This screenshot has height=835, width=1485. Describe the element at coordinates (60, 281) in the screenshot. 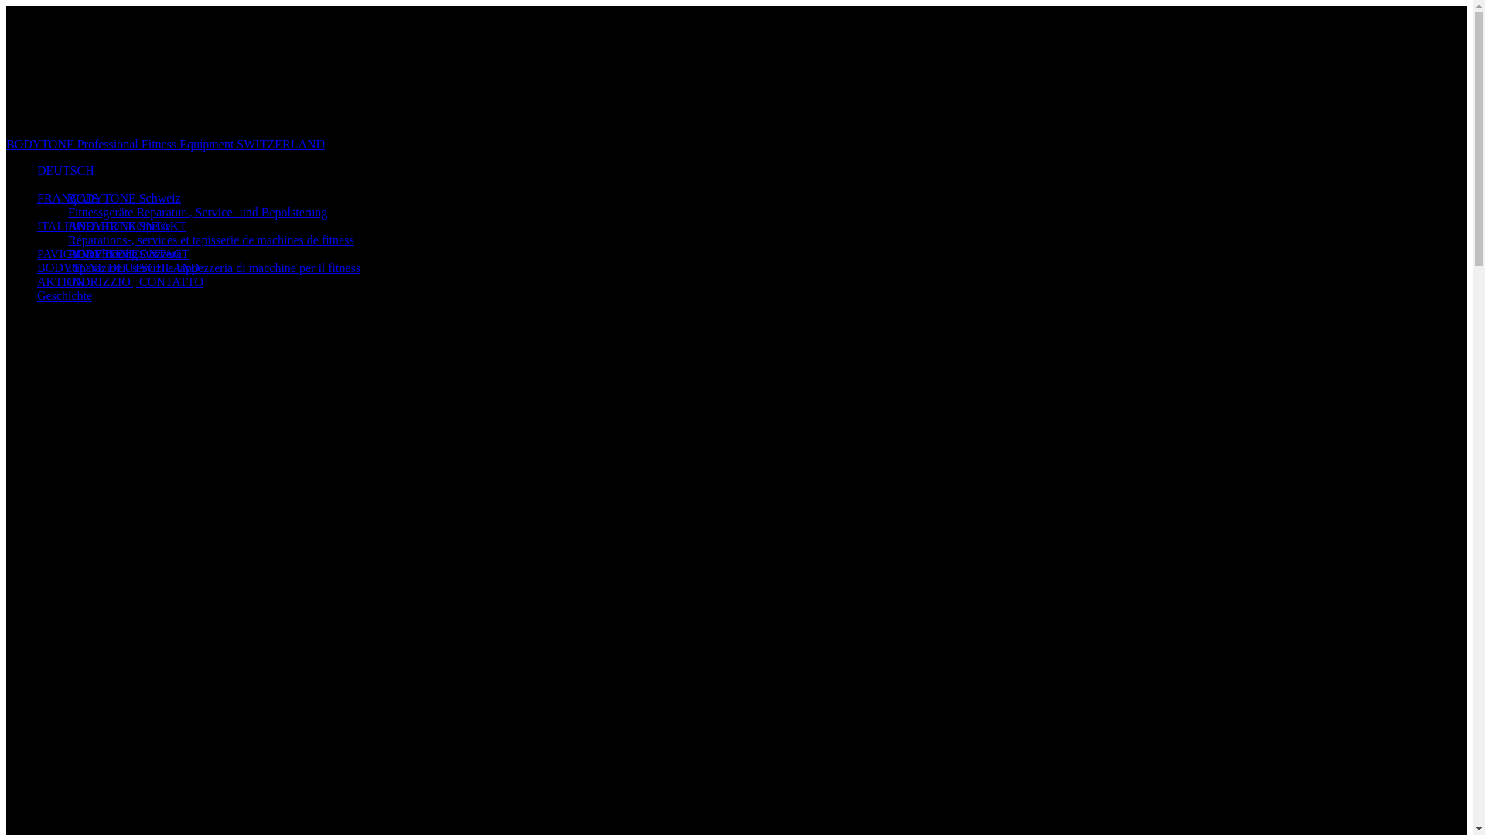

I see `'AKTION'` at that location.